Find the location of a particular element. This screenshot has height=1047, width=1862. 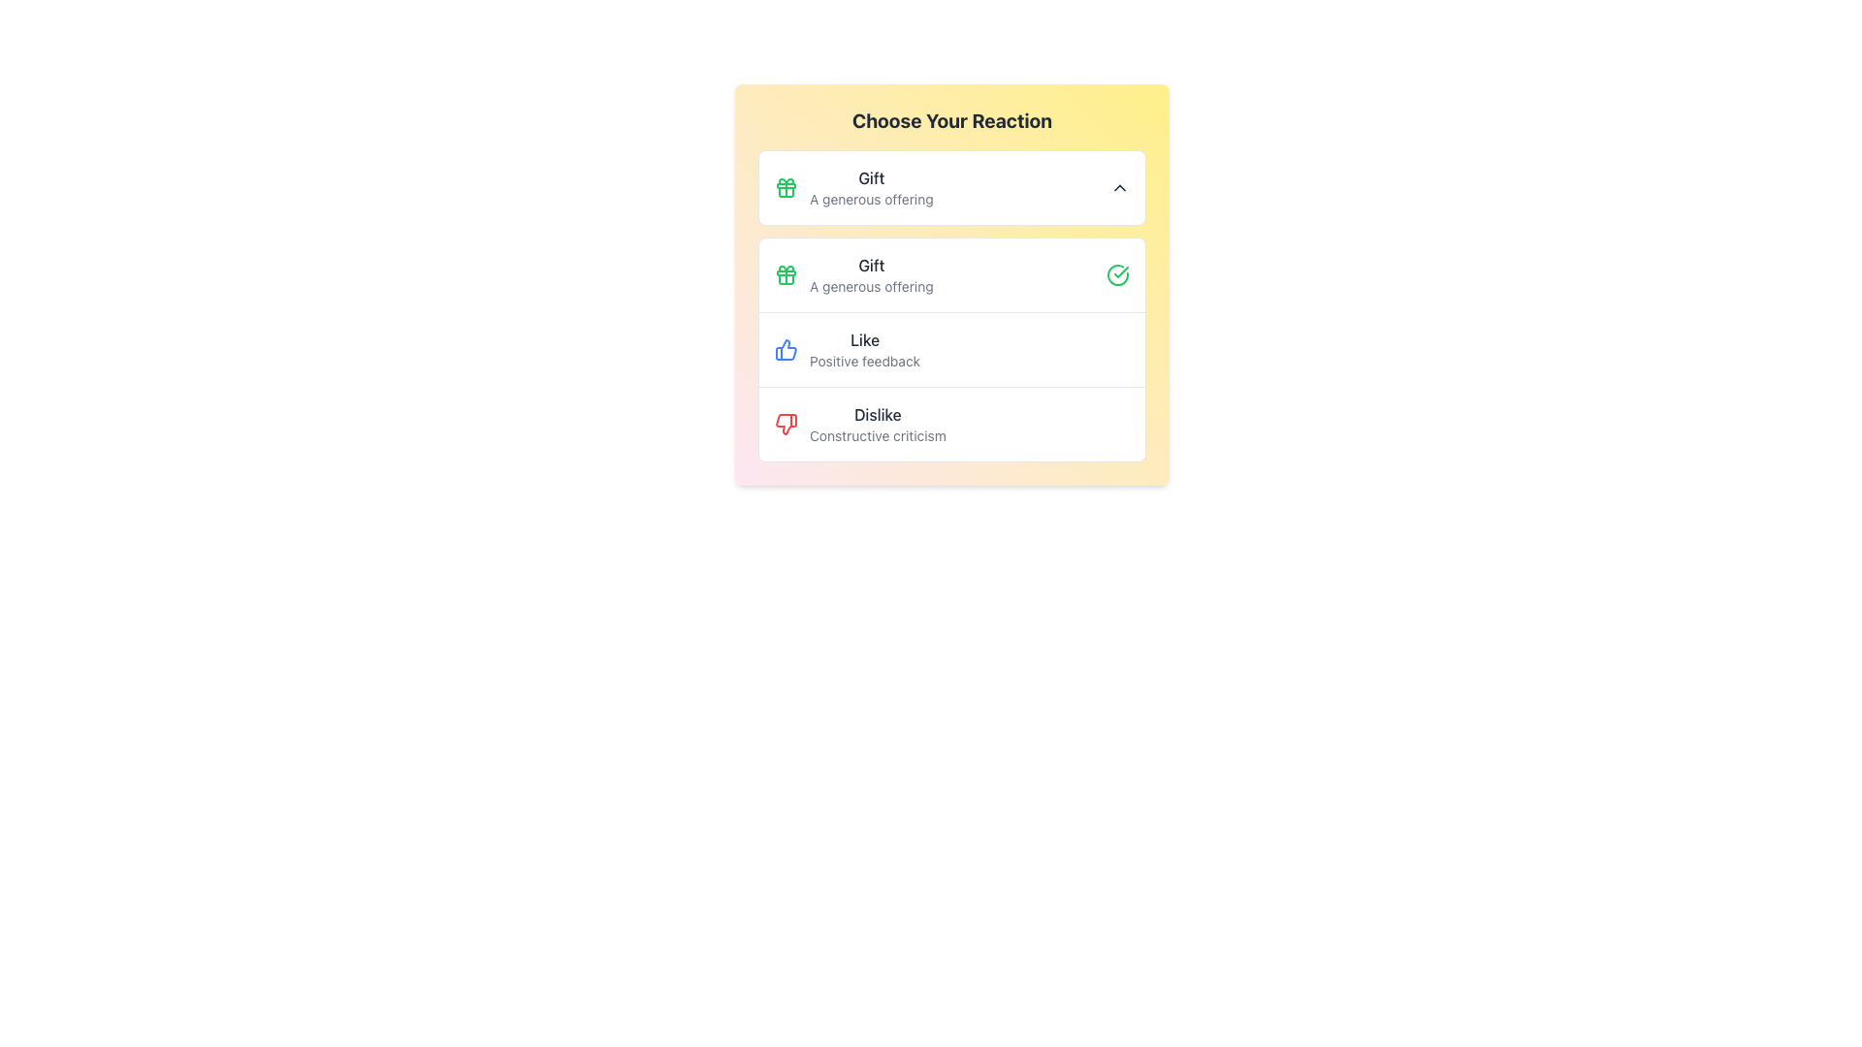

the 'Dislike' option with the text 'Constructive criticism' is located at coordinates (877, 424).